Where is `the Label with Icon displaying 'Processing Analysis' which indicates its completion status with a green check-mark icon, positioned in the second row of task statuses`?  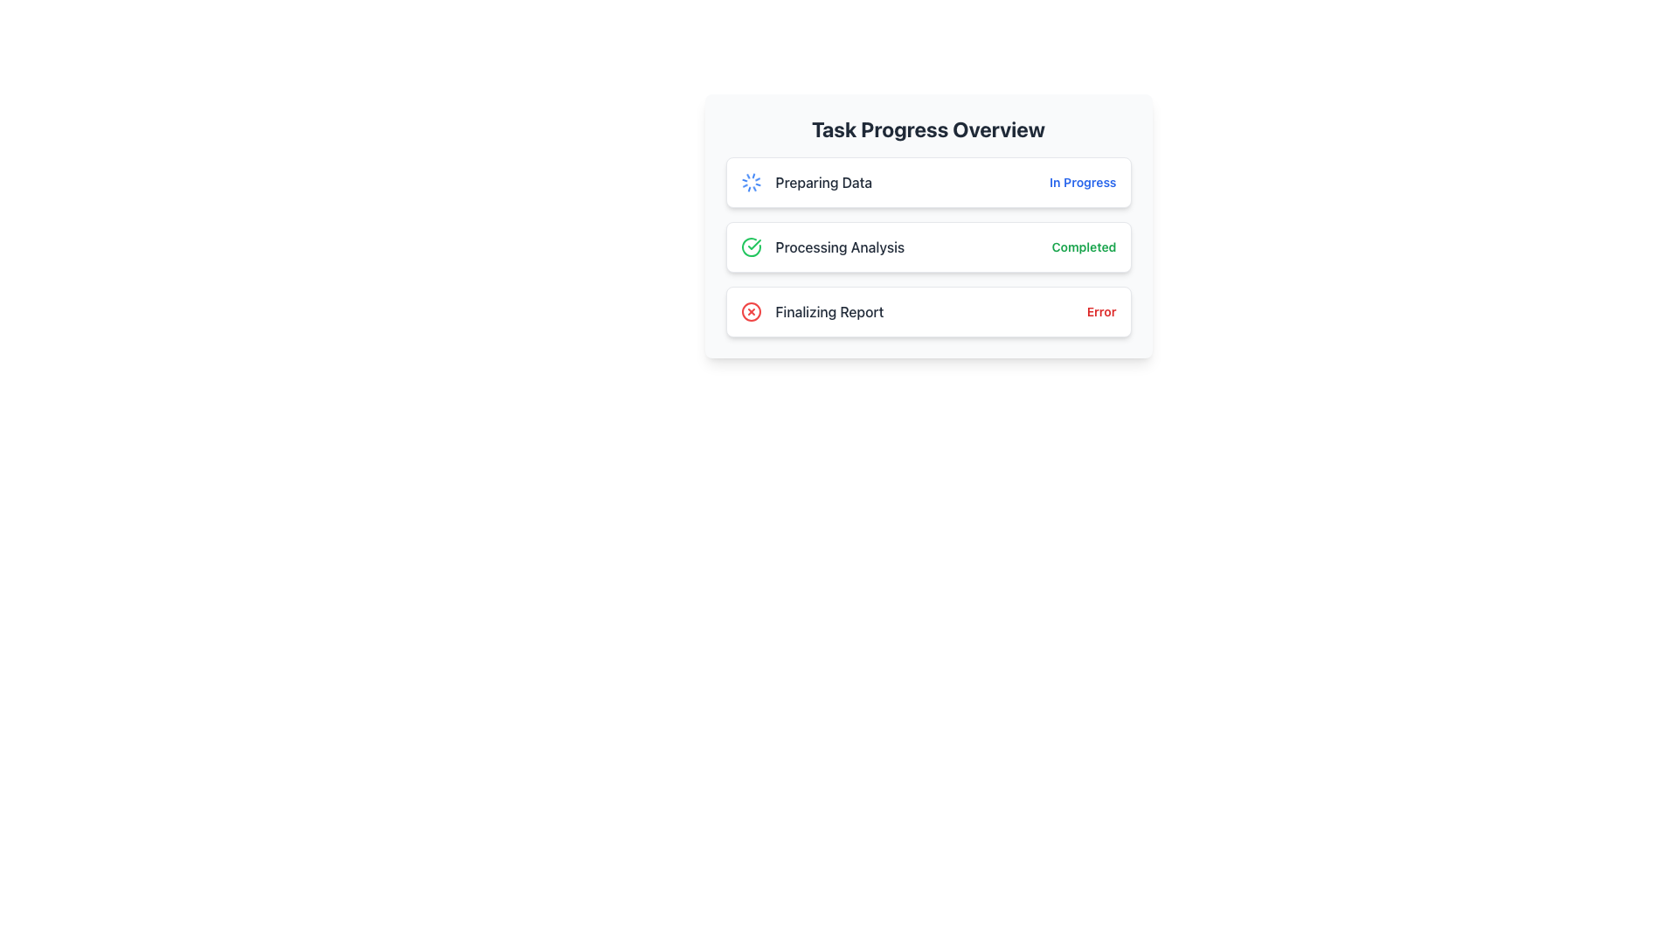
the Label with Icon displaying 'Processing Analysis' which indicates its completion status with a green check-mark icon, positioned in the second row of task statuses is located at coordinates (822, 246).